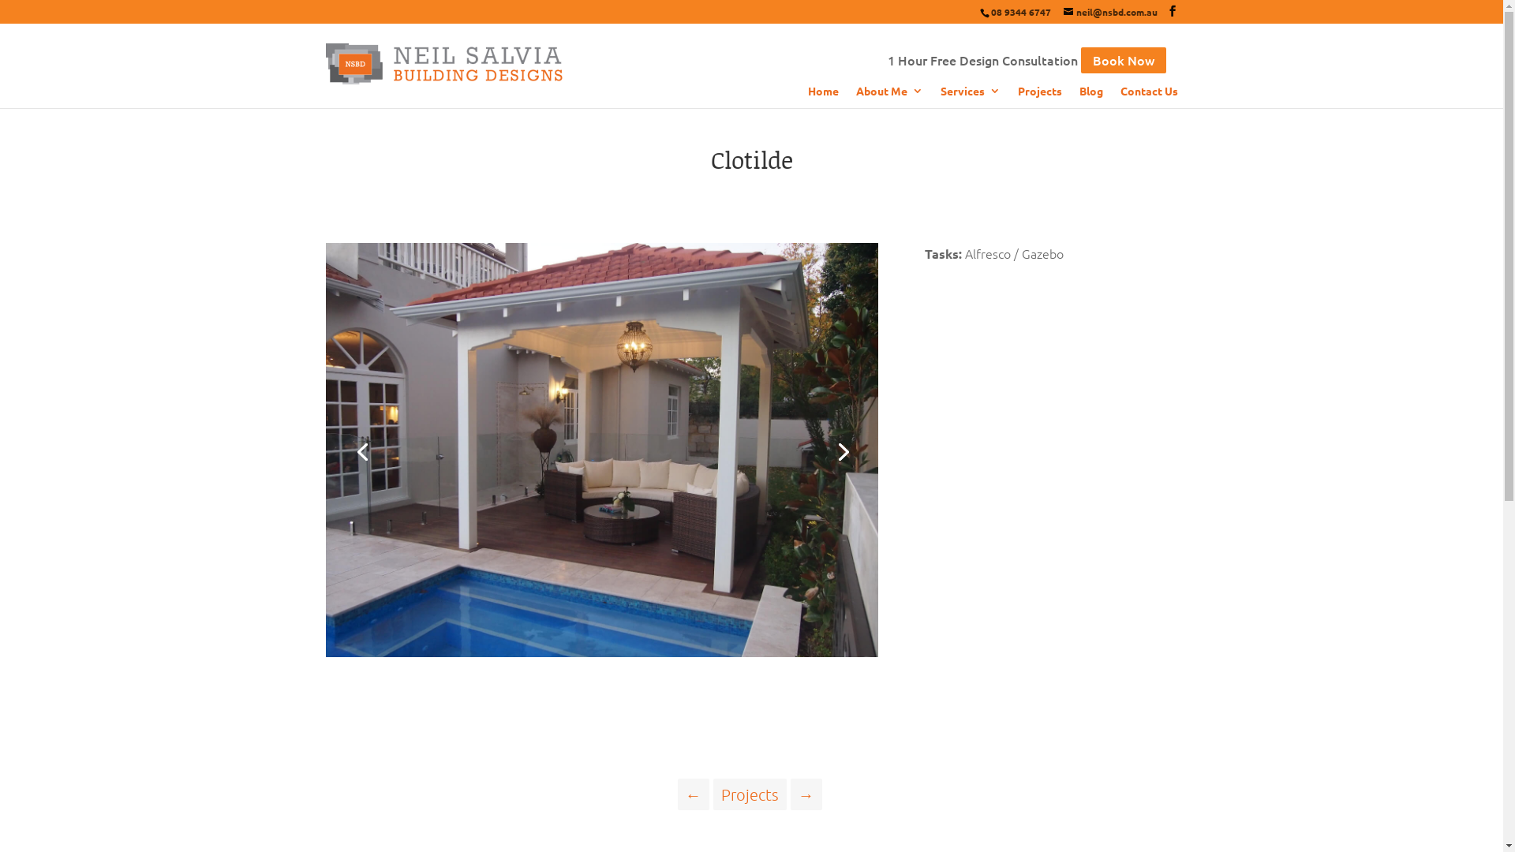 The height and width of the screenshot is (852, 1515). Describe the element at coordinates (1079, 96) in the screenshot. I see `'Blog'` at that location.